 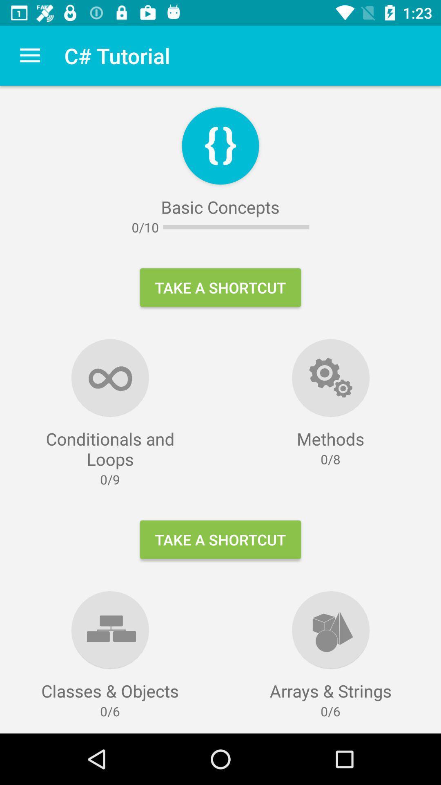 I want to click on the item to the left of c# tutorial icon, so click(x=29, y=55).